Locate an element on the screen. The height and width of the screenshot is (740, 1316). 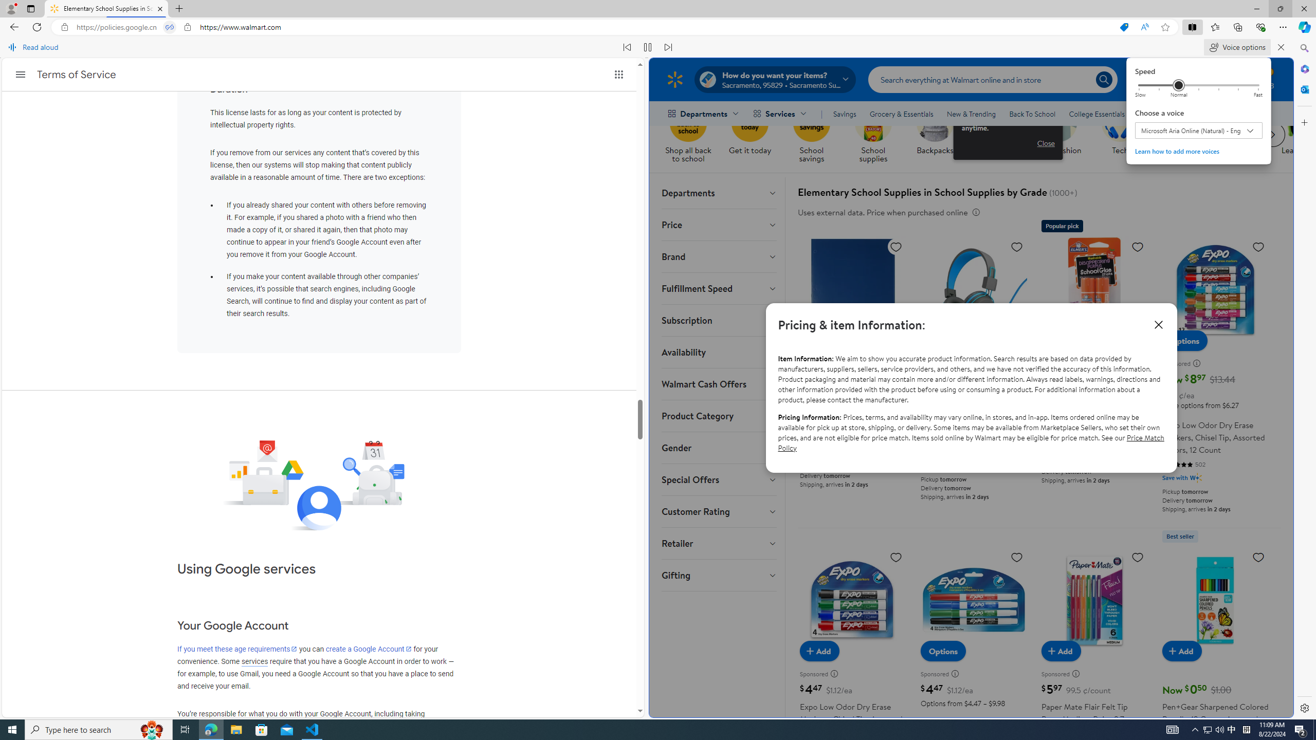
'Search highlights icon opens search home window' is located at coordinates (151, 729).